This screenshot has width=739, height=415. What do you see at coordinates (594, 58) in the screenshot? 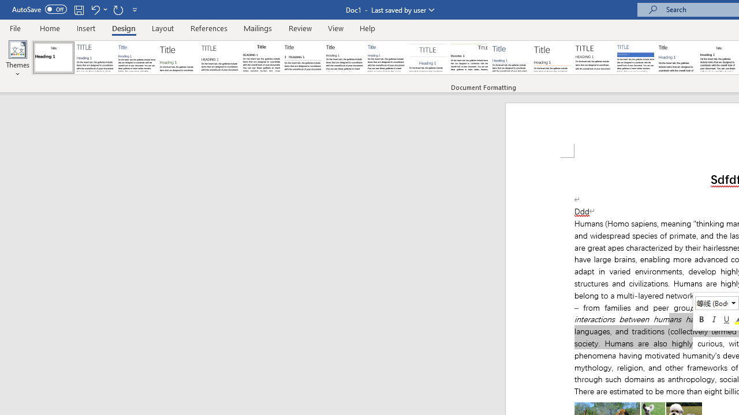
I see `'Minimalist'` at bounding box center [594, 58].